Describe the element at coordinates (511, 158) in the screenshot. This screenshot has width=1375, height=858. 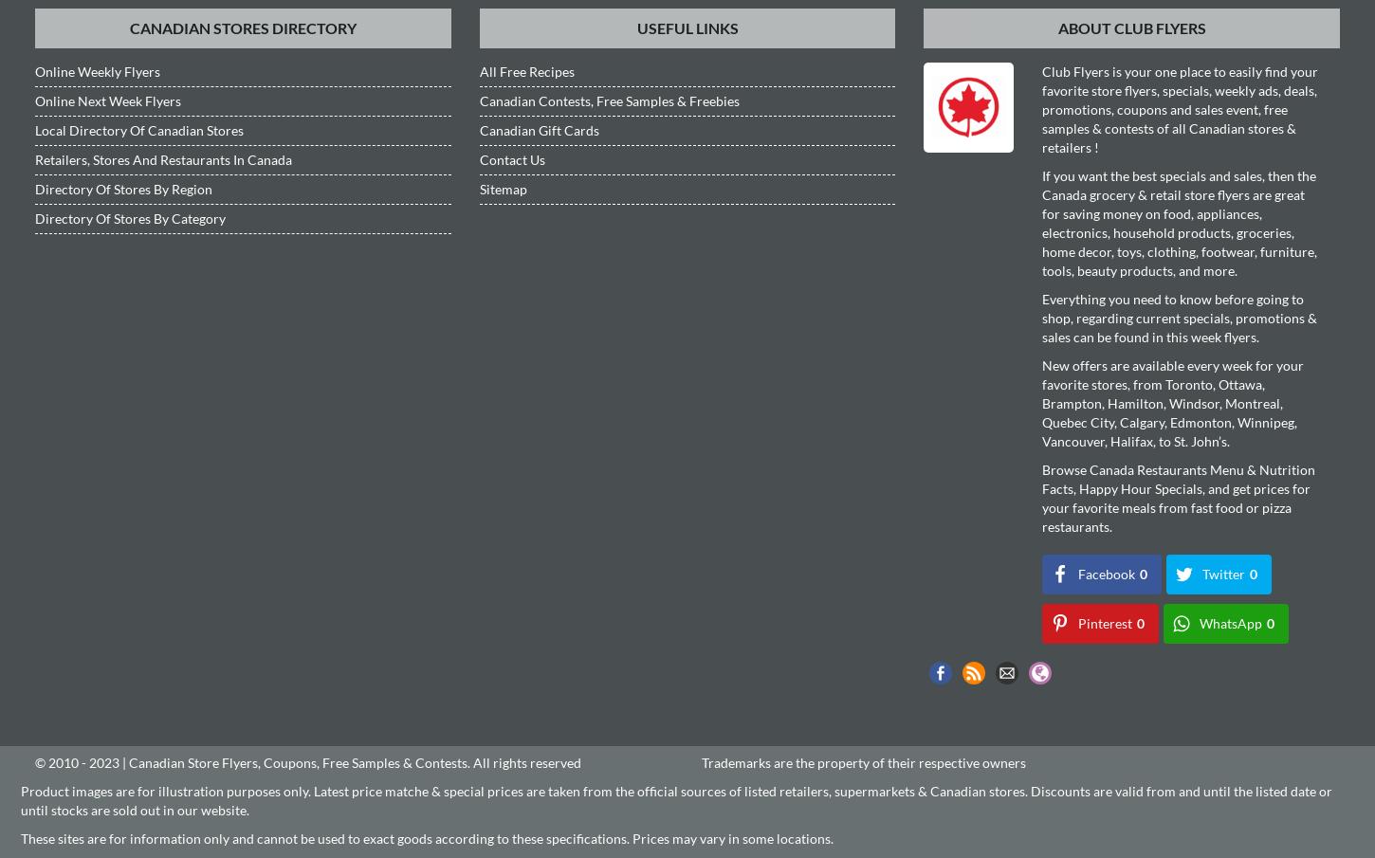
I see `'Contact Us'` at that location.